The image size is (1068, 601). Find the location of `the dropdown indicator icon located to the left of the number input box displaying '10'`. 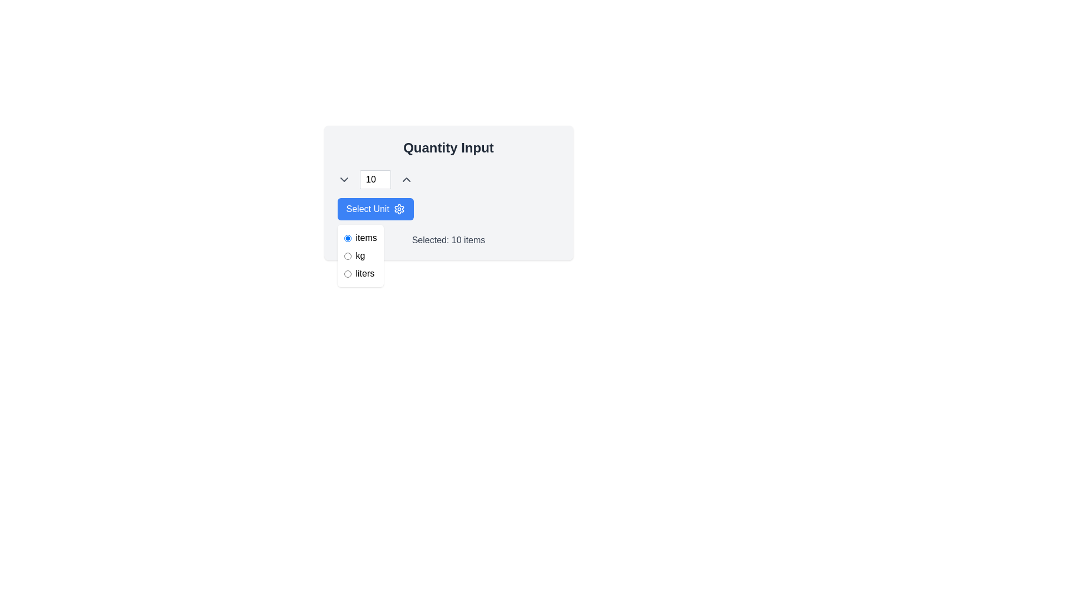

the dropdown indicator icon located to the left of the number input box displaying '10' is located at coordinates (343, 179).